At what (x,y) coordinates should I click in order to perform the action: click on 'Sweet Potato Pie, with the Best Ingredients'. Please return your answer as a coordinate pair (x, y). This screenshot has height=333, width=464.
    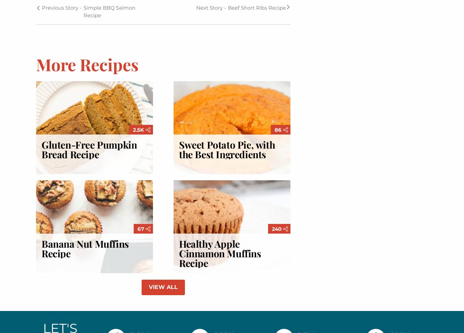
    Looking at the image, I should click on (178, 149).